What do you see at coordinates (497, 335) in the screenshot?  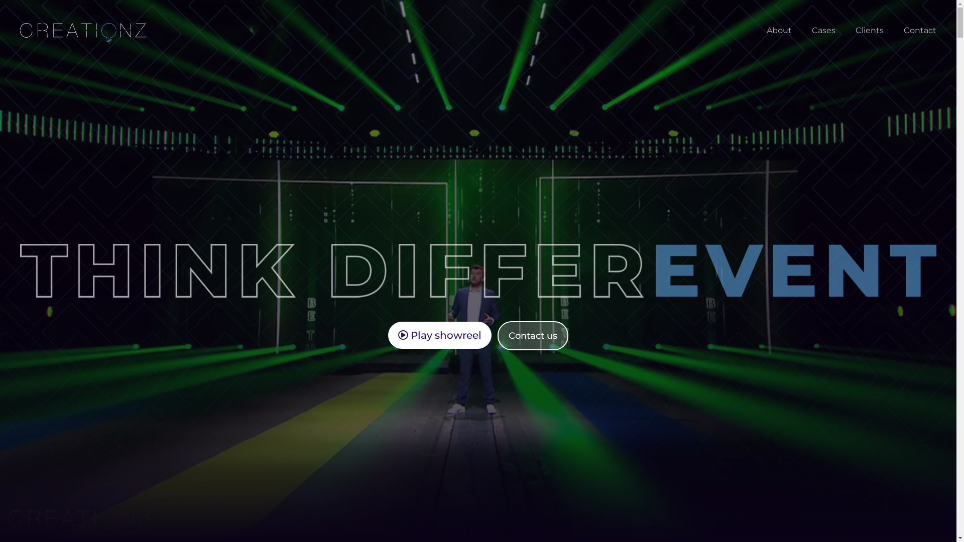 I see `'Contact us'` at bounding box center [497, 335].